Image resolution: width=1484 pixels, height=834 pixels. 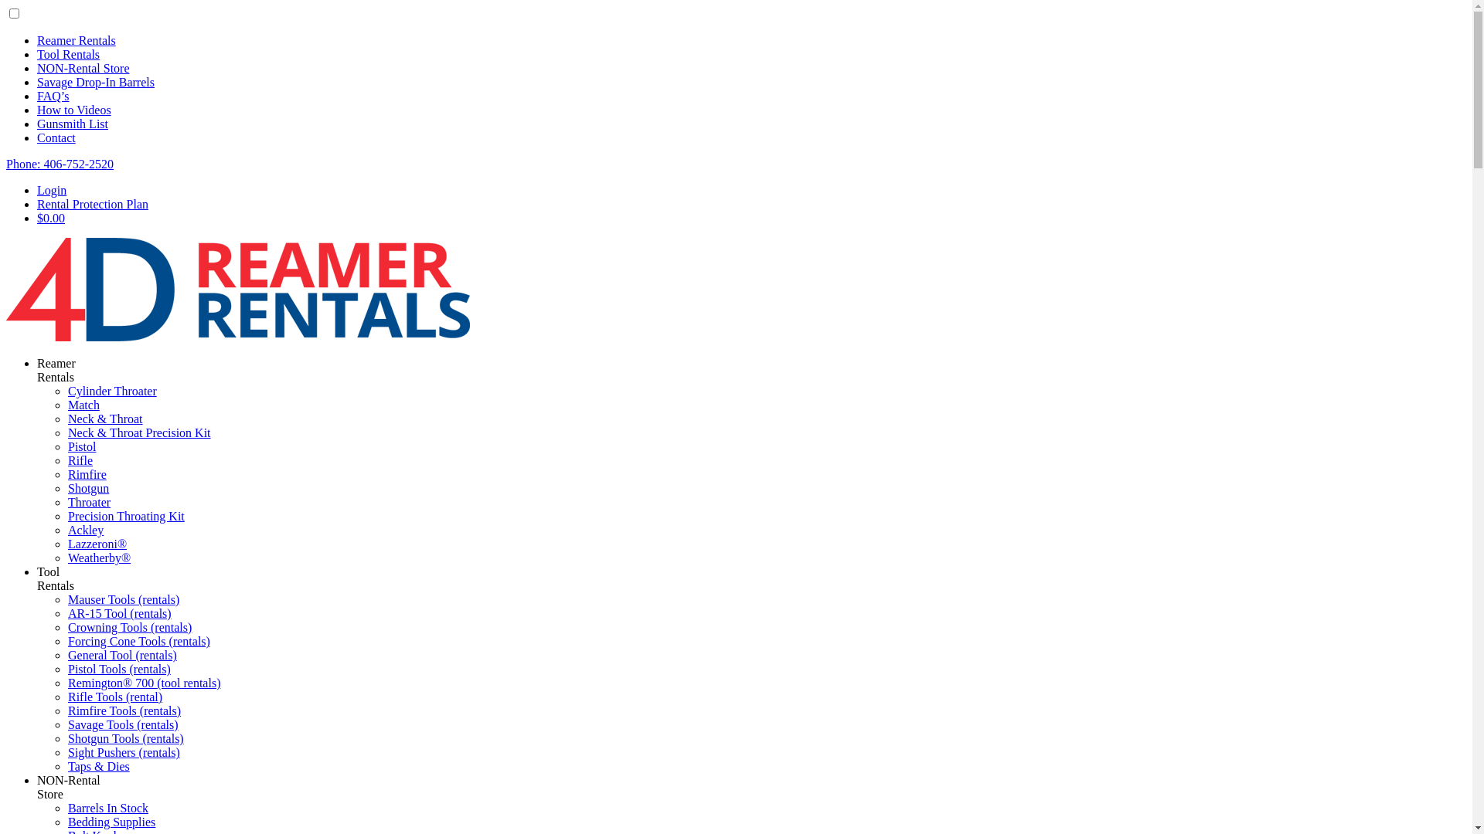 What do you see at coordinates (92, 203) in the screenshot?
I see `'Rental Protection Plan'` at bounding box center [92, 203].